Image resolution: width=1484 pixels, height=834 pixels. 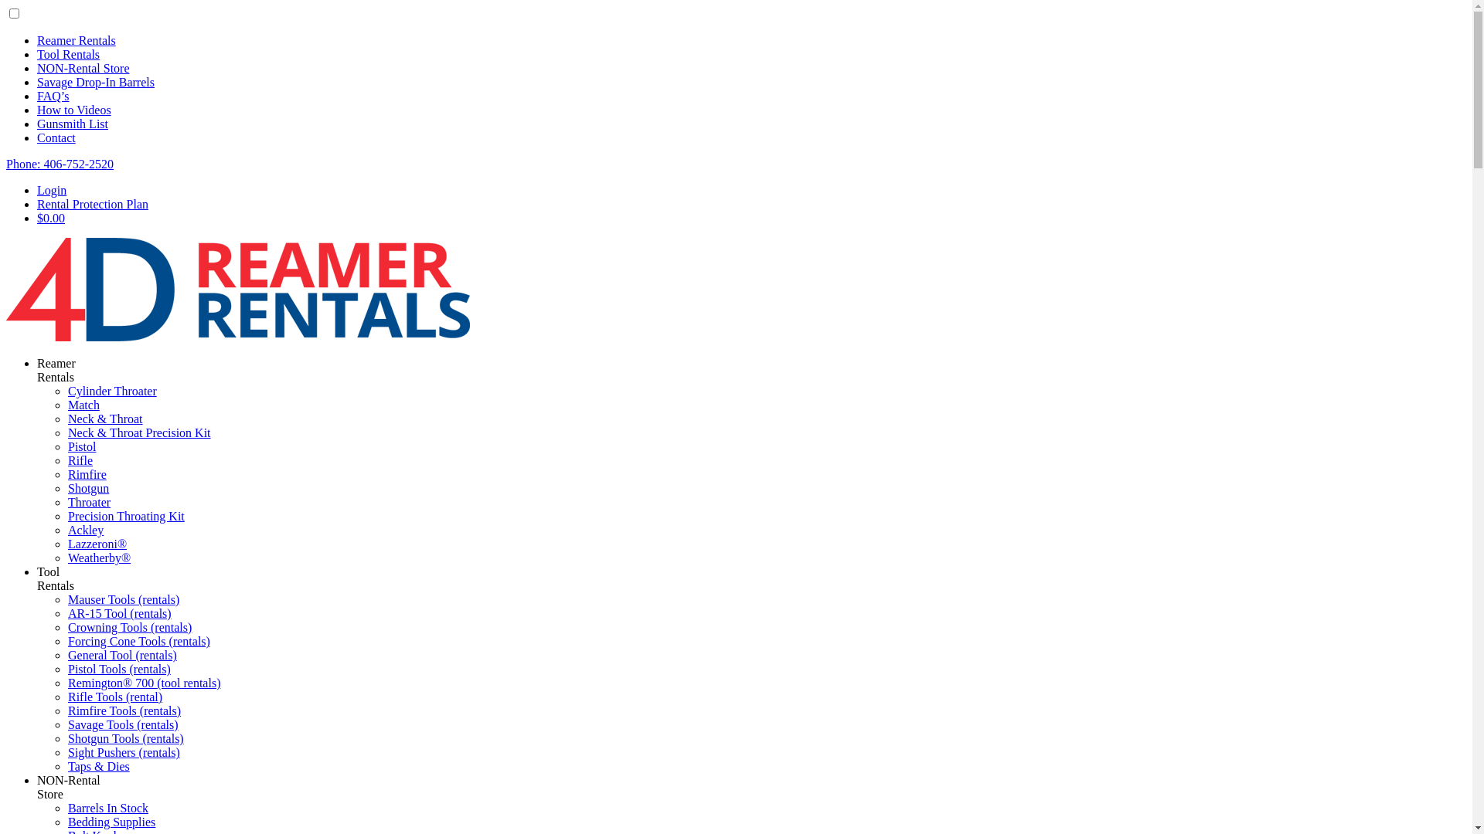 What do you see at coordinates (92, 203) in the screenshot?
I see `'Rental Protection Plan'` at bounding box center [92, 203].